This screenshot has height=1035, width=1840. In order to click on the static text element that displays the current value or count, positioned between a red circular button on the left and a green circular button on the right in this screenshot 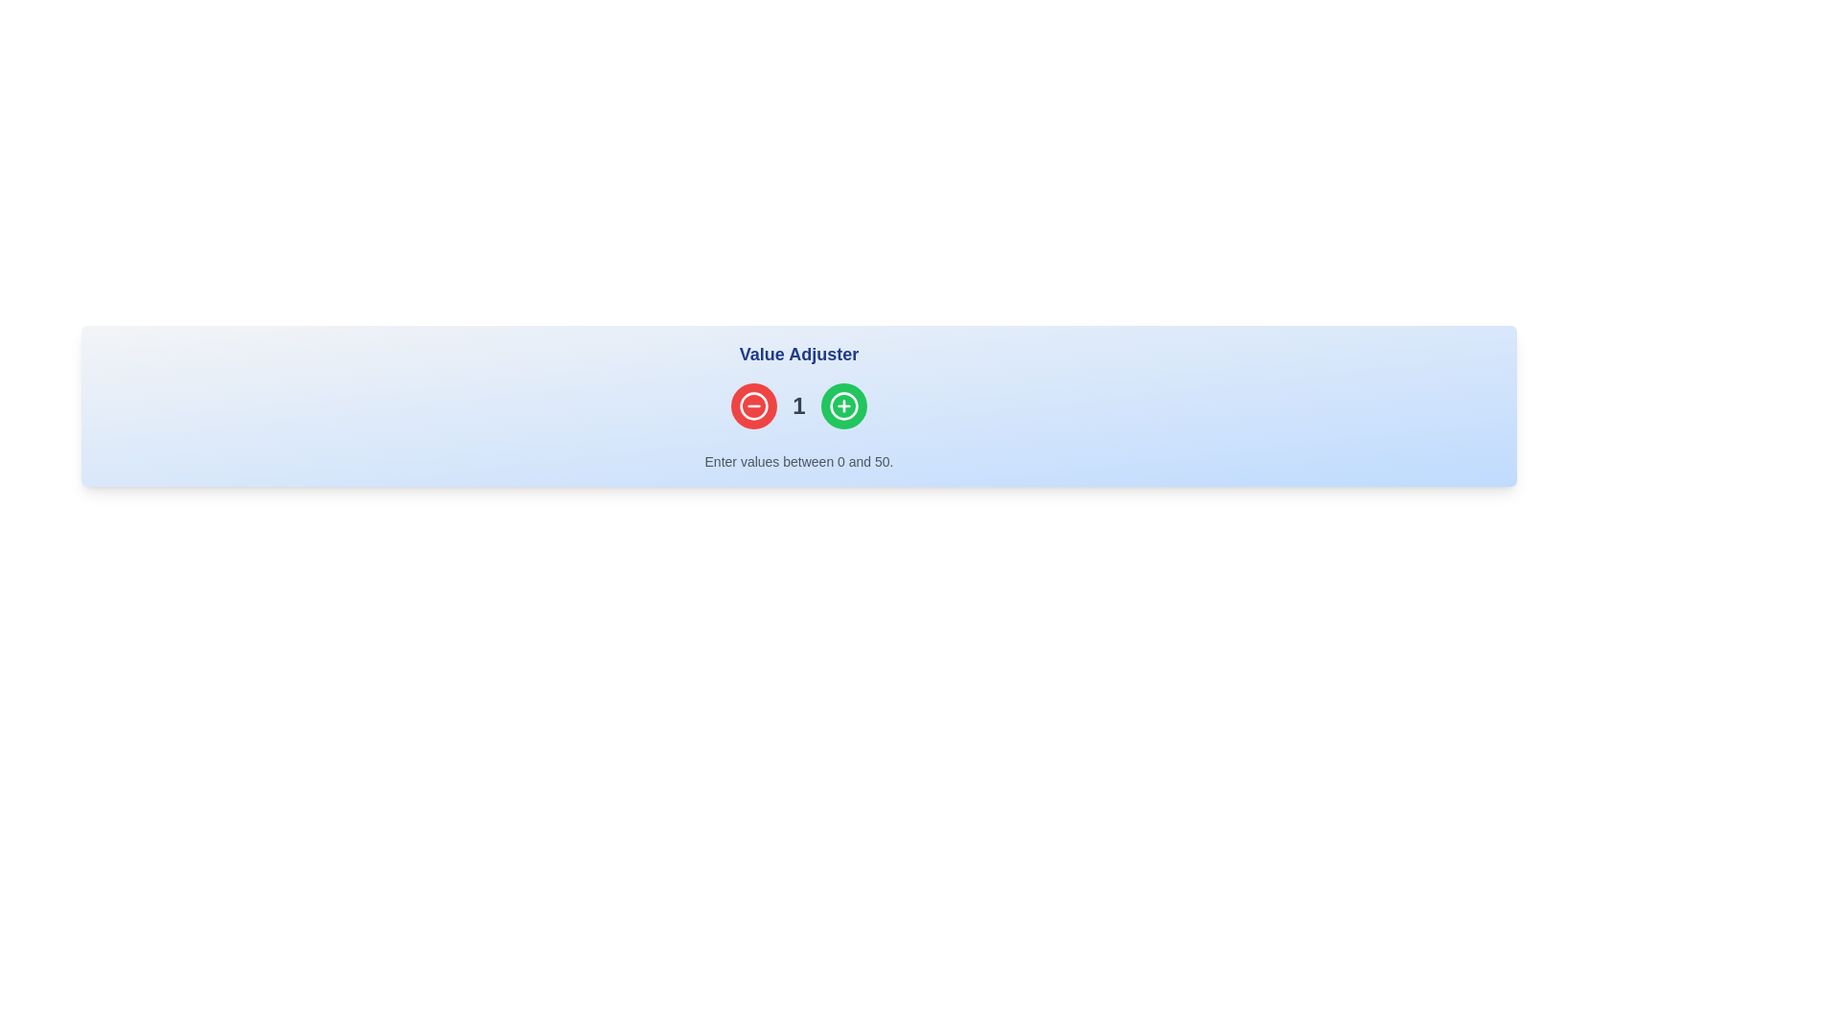, I will do `click(799, 405)`.